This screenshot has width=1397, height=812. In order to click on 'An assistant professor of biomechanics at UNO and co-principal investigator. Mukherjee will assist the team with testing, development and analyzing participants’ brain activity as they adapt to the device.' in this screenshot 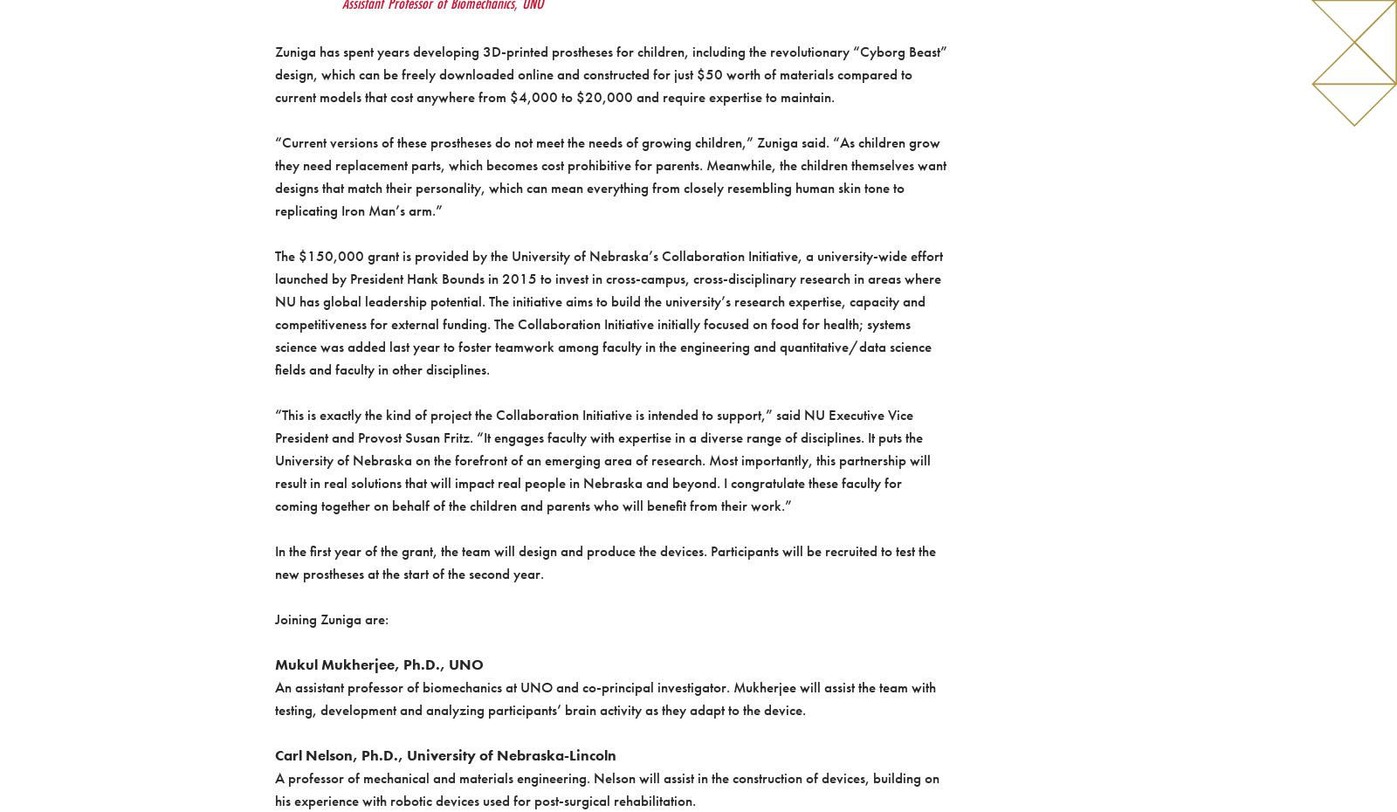, I will do `click(604, 697)`.